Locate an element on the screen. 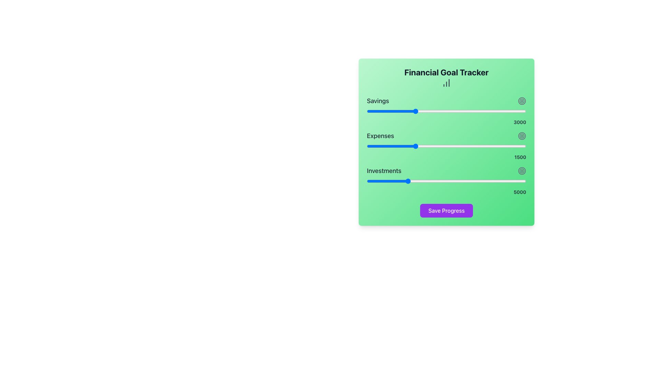  the 'Investments' slider is located at coordinates (485, 181).